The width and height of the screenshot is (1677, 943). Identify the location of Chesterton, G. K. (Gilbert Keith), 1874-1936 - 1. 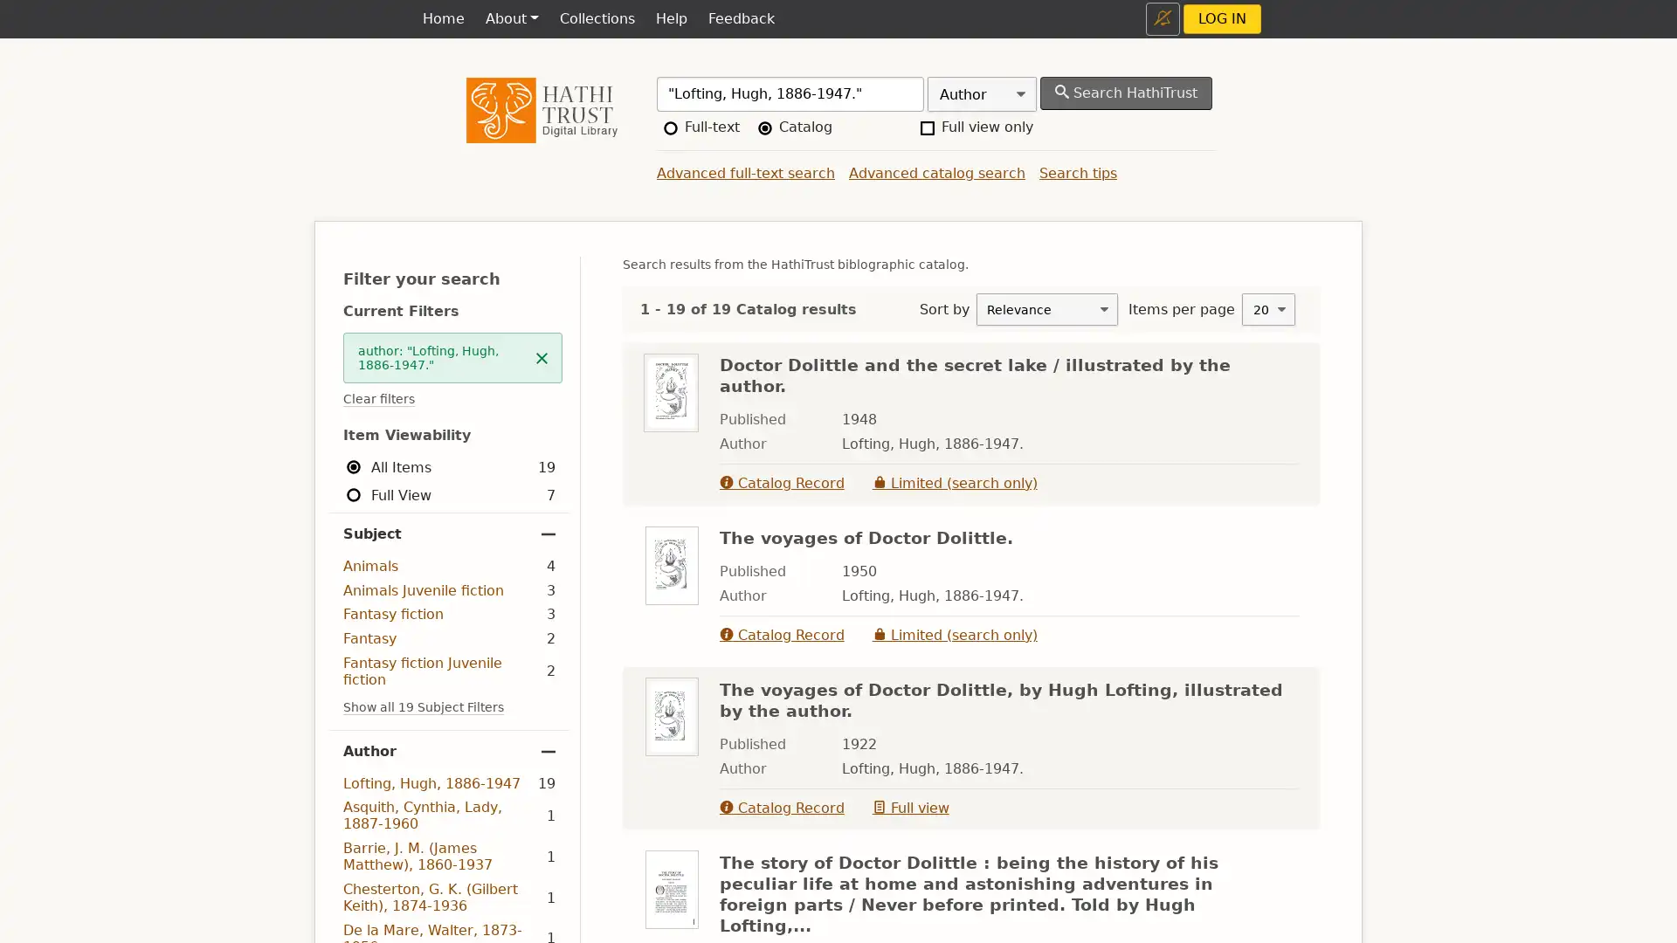
(449, 897).